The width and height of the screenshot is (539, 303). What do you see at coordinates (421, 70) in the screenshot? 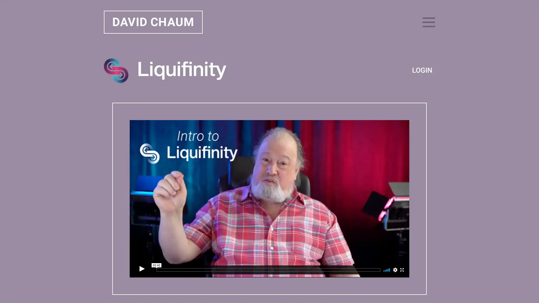
I see `LOGIN` at bounding box center [421, 70].